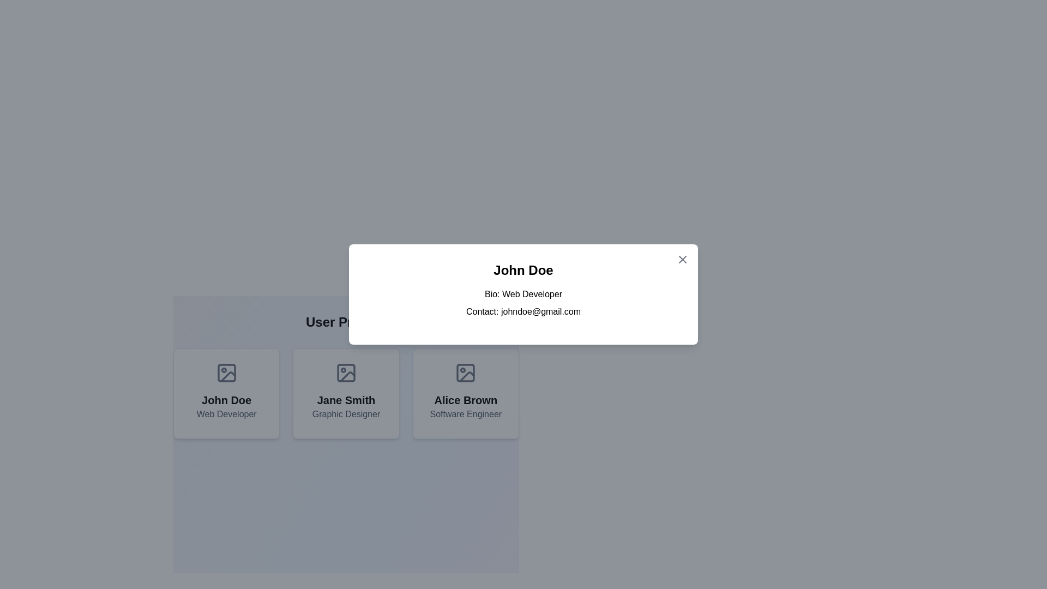 This screenshot has height=589, width=1047. What do you see at coordinates (467, 376) in the screenshot?
I see `the Icon fragment in the SVG graphic located within the last card titled 'Alice Brown - Software Engineer,' which is the third card in a row of user profiles at the bottom of the interface` at bounding box center [467, 376].